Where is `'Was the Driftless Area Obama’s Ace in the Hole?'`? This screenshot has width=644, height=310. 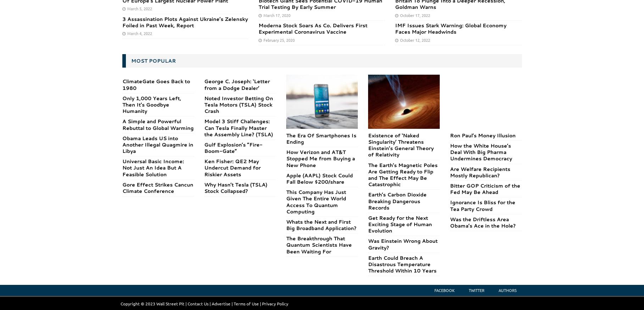 'Was the Driftless Area Obama’s Ace in the Hole?' is located at coordinates (482, 222).